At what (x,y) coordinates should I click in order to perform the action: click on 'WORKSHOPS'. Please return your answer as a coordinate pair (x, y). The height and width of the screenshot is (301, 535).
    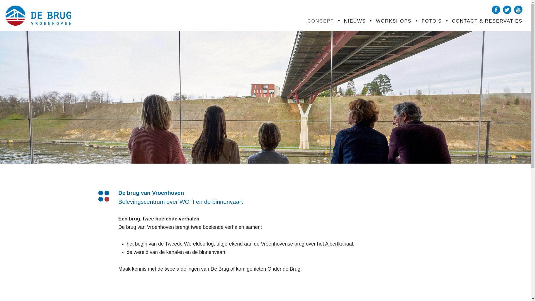
    Looking at the image, I should click on (376, 21).